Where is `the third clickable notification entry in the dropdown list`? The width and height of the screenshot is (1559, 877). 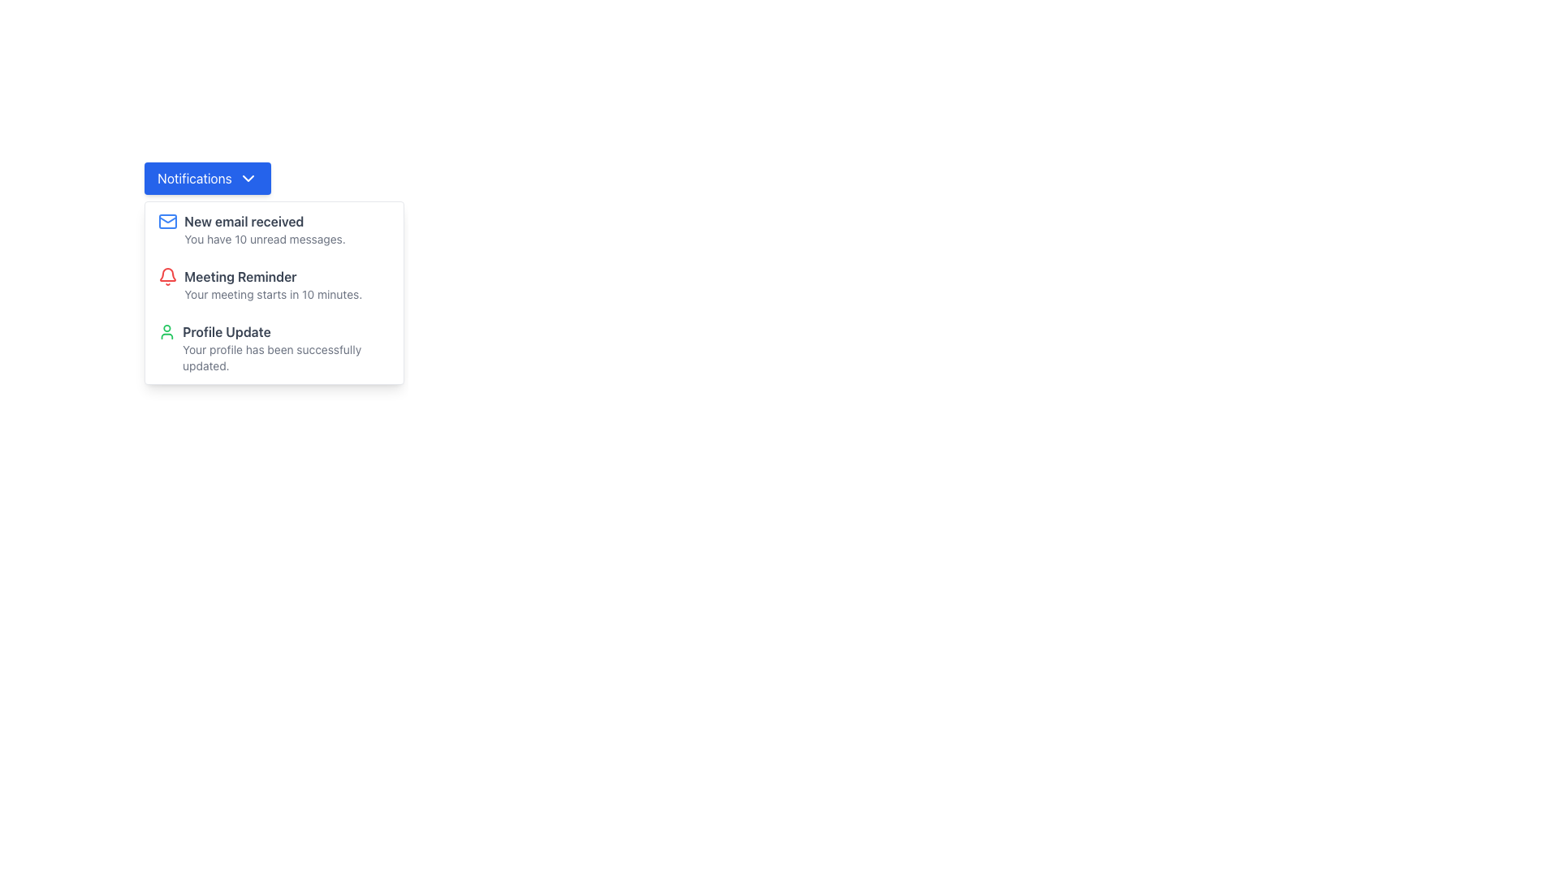
the third clickable notification entry in the dropdown list is located at coordinates (274, 347).